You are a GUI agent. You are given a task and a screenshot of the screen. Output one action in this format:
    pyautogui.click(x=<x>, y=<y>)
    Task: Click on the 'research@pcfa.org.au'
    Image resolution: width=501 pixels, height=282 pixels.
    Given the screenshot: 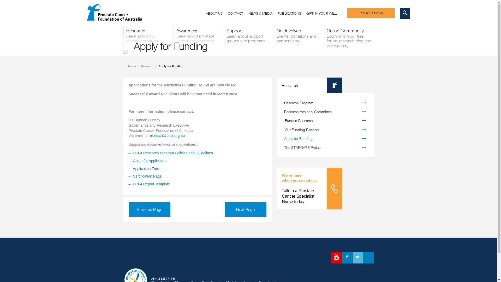 What is the action you would take?
    pyautogui.click(x=166, y=135)
    